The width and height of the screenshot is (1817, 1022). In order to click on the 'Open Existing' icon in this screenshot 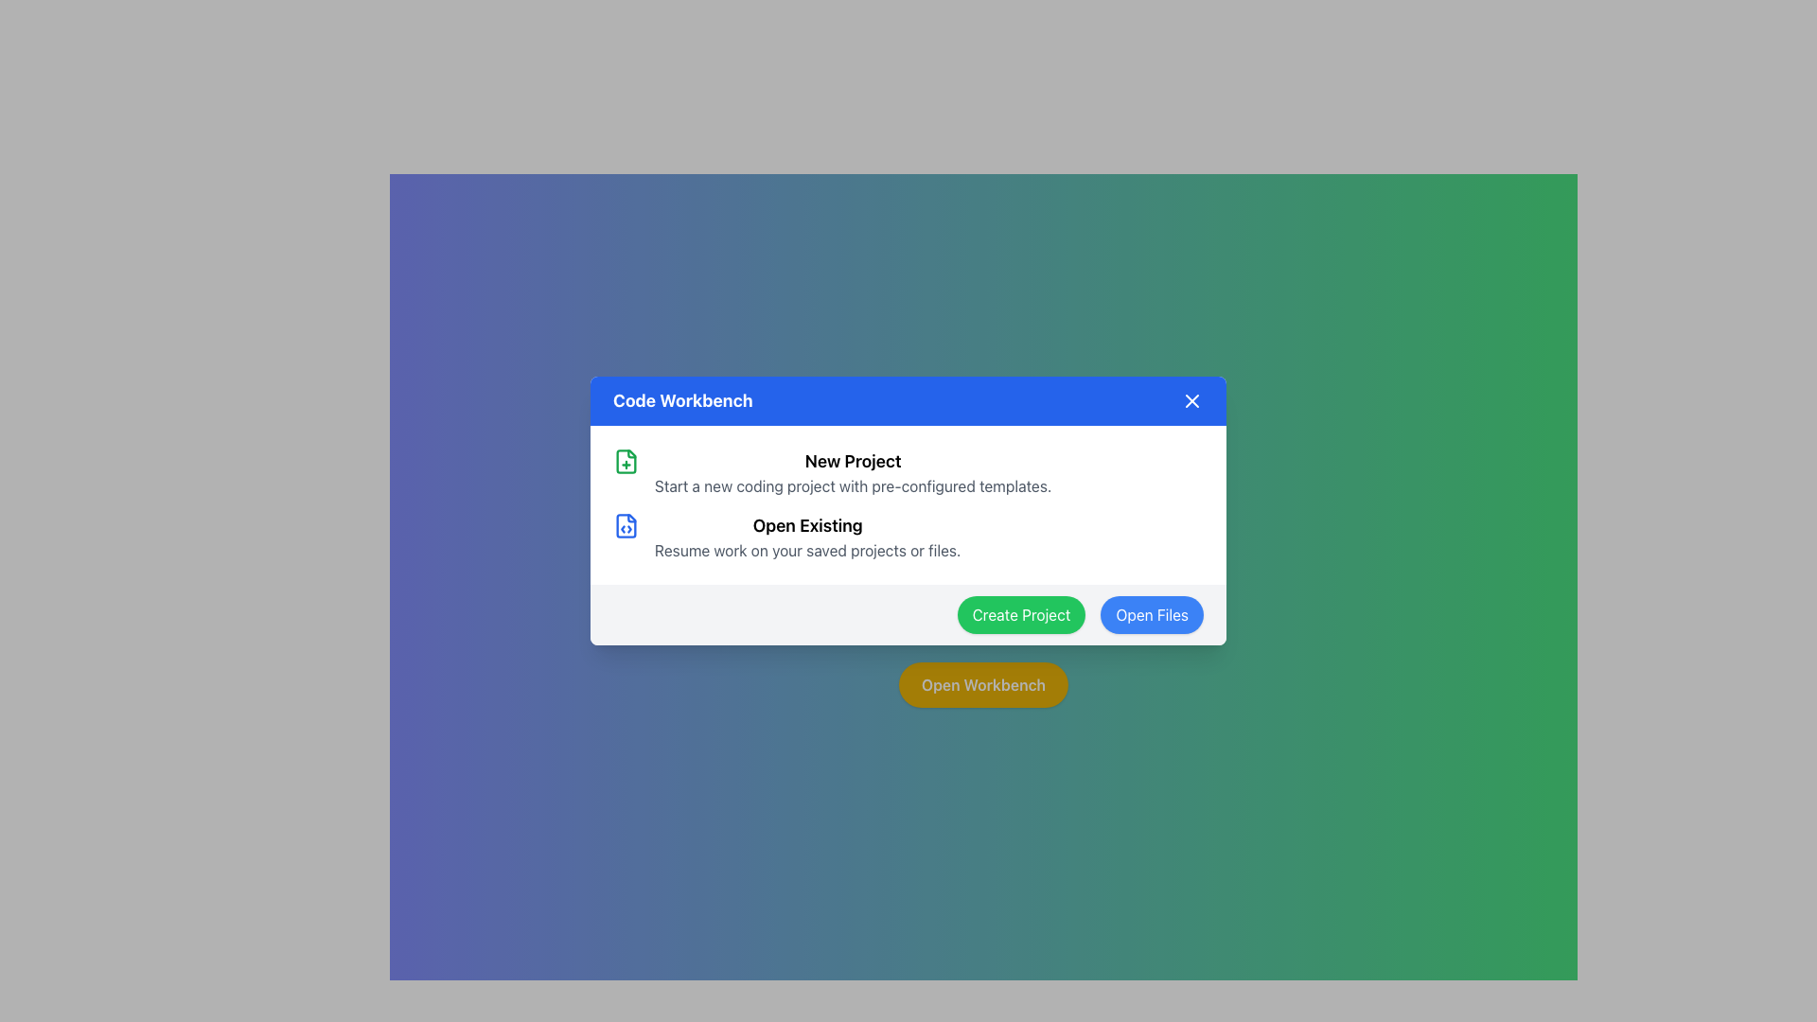, I will do `click(626, 525)`.